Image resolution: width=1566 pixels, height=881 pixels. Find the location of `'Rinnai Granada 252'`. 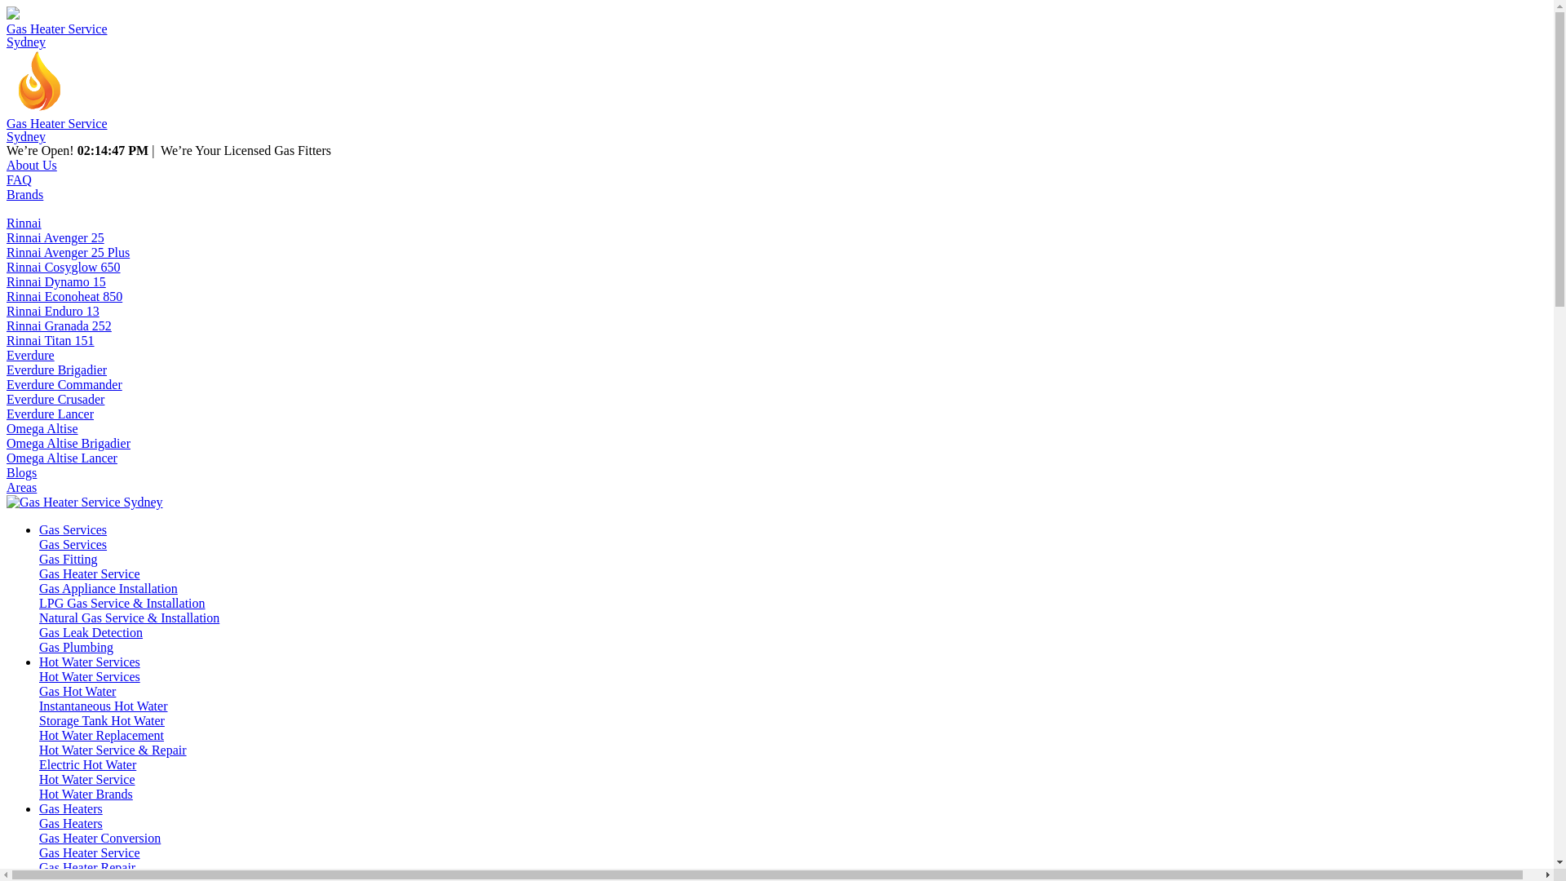

'Rinnai Granada 252' is located at coordinates (59, 325).